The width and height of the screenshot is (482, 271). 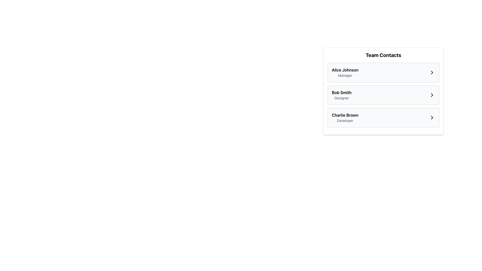 I want to click on the second list item in the 'Team Contacts' card, which displays 'Bob Smith' and 'Designer', so click(x=383, y=95).